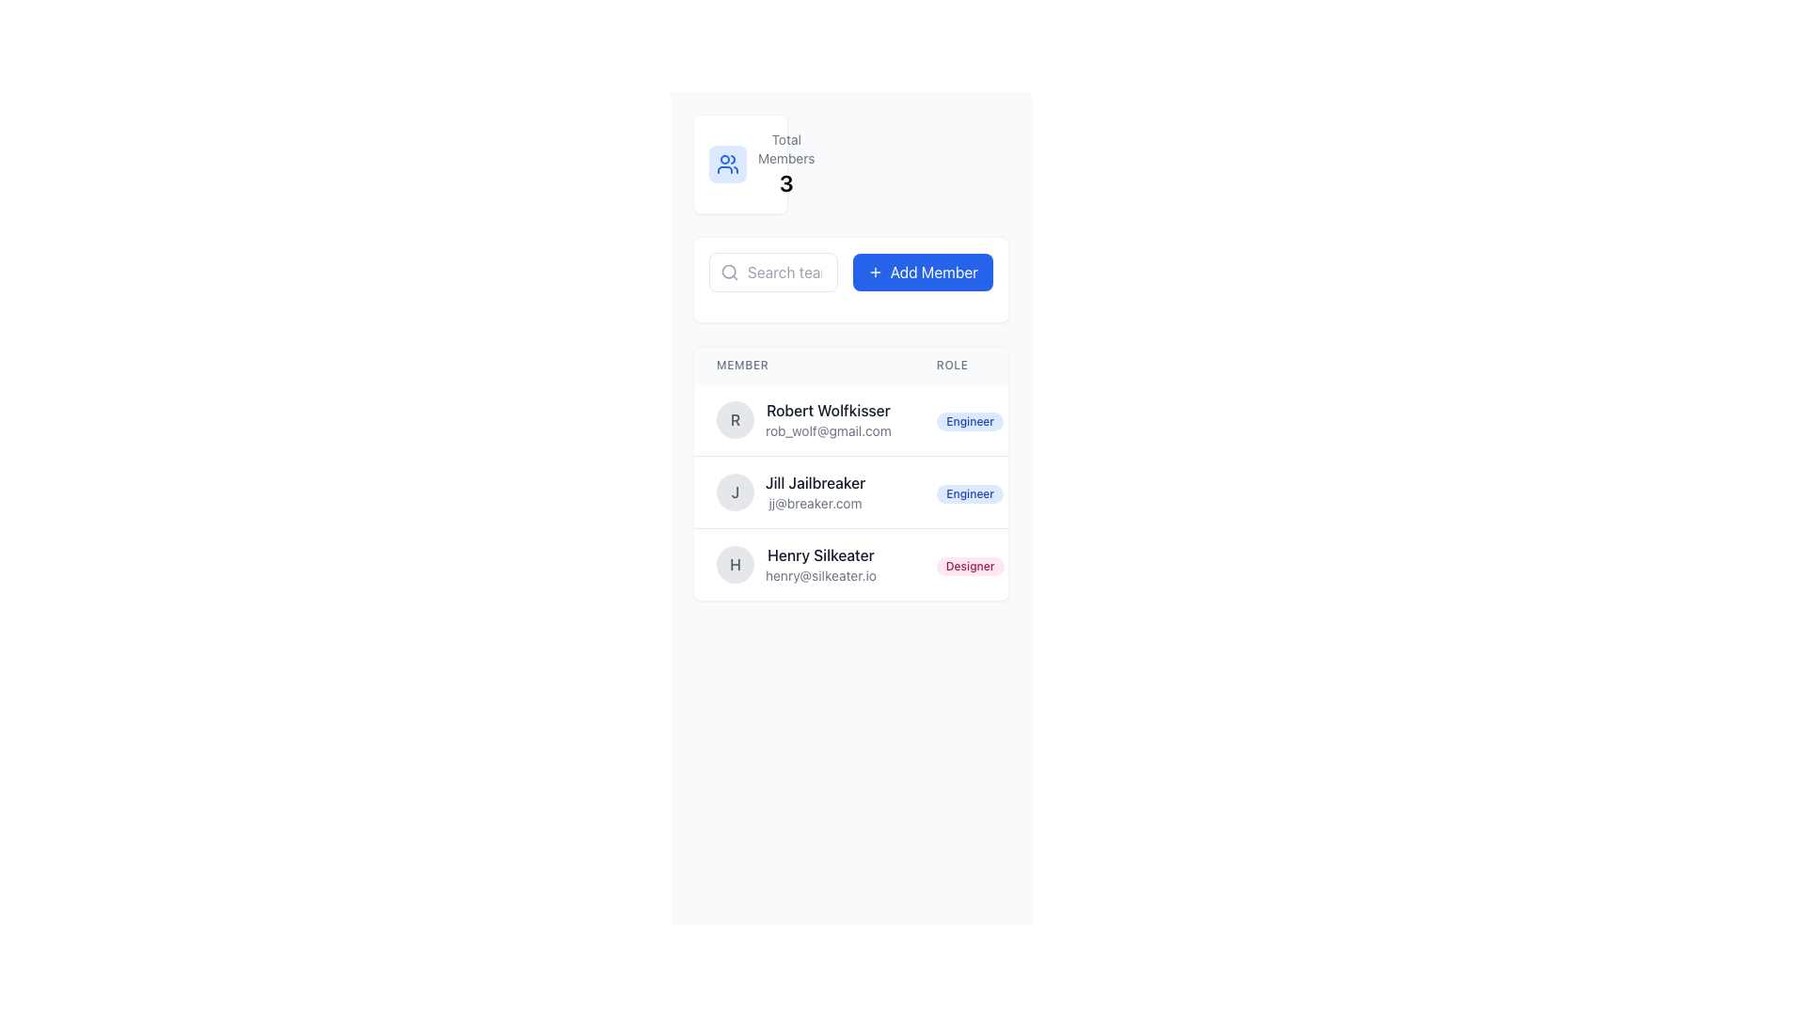  I want to click on the text label styled with a pink background and the text 'Designer' in the ROLE column of the third row in the member list, adjacent to Henry Silkeater's name and email, so click(970, 565).